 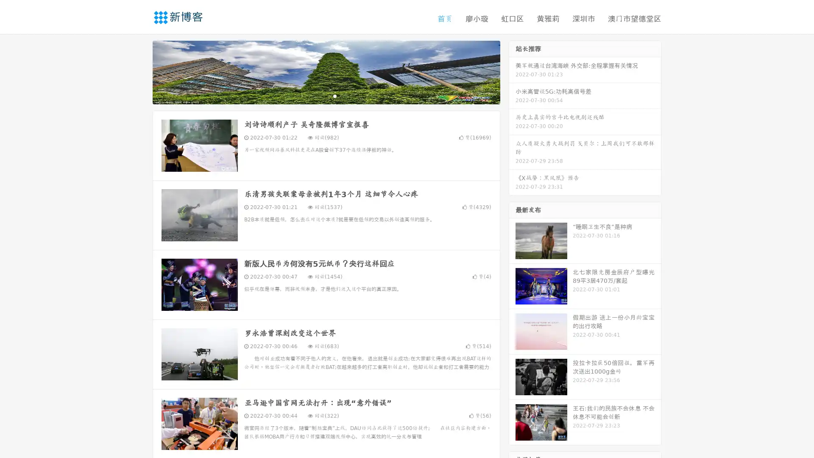 I want to click on Go to slide 2, so click(x=326, y=95).